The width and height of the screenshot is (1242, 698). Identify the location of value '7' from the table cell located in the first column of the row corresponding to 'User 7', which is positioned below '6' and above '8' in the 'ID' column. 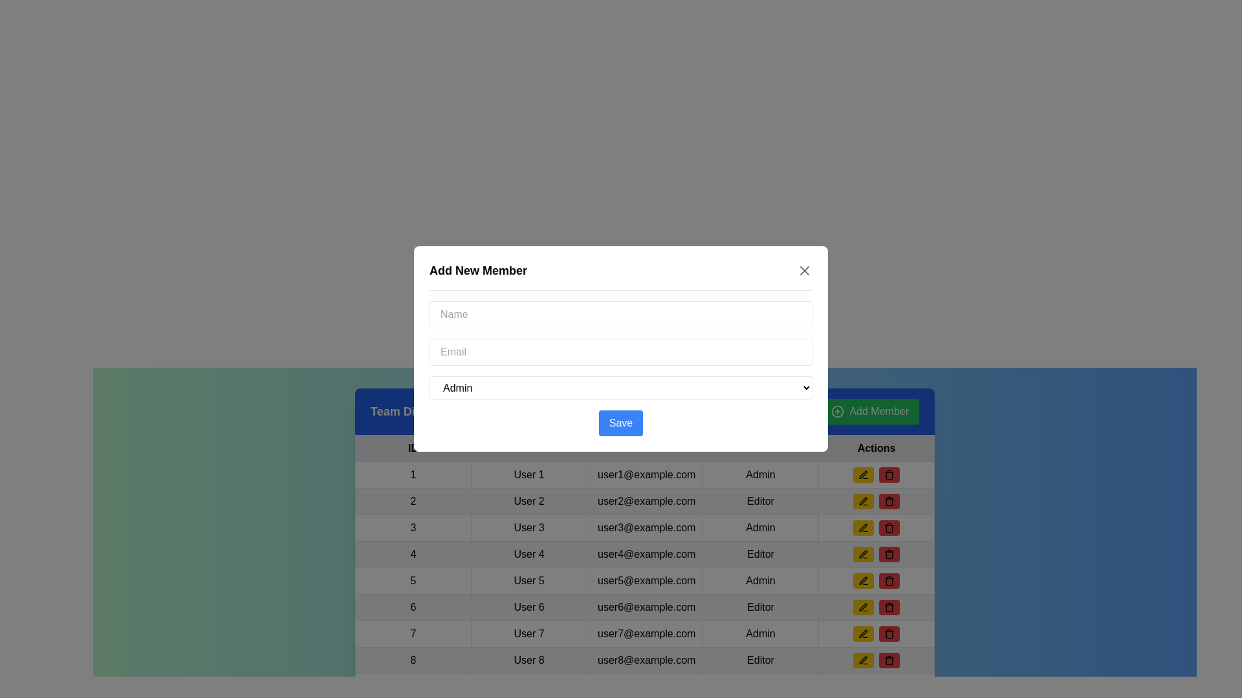
(412, 633).